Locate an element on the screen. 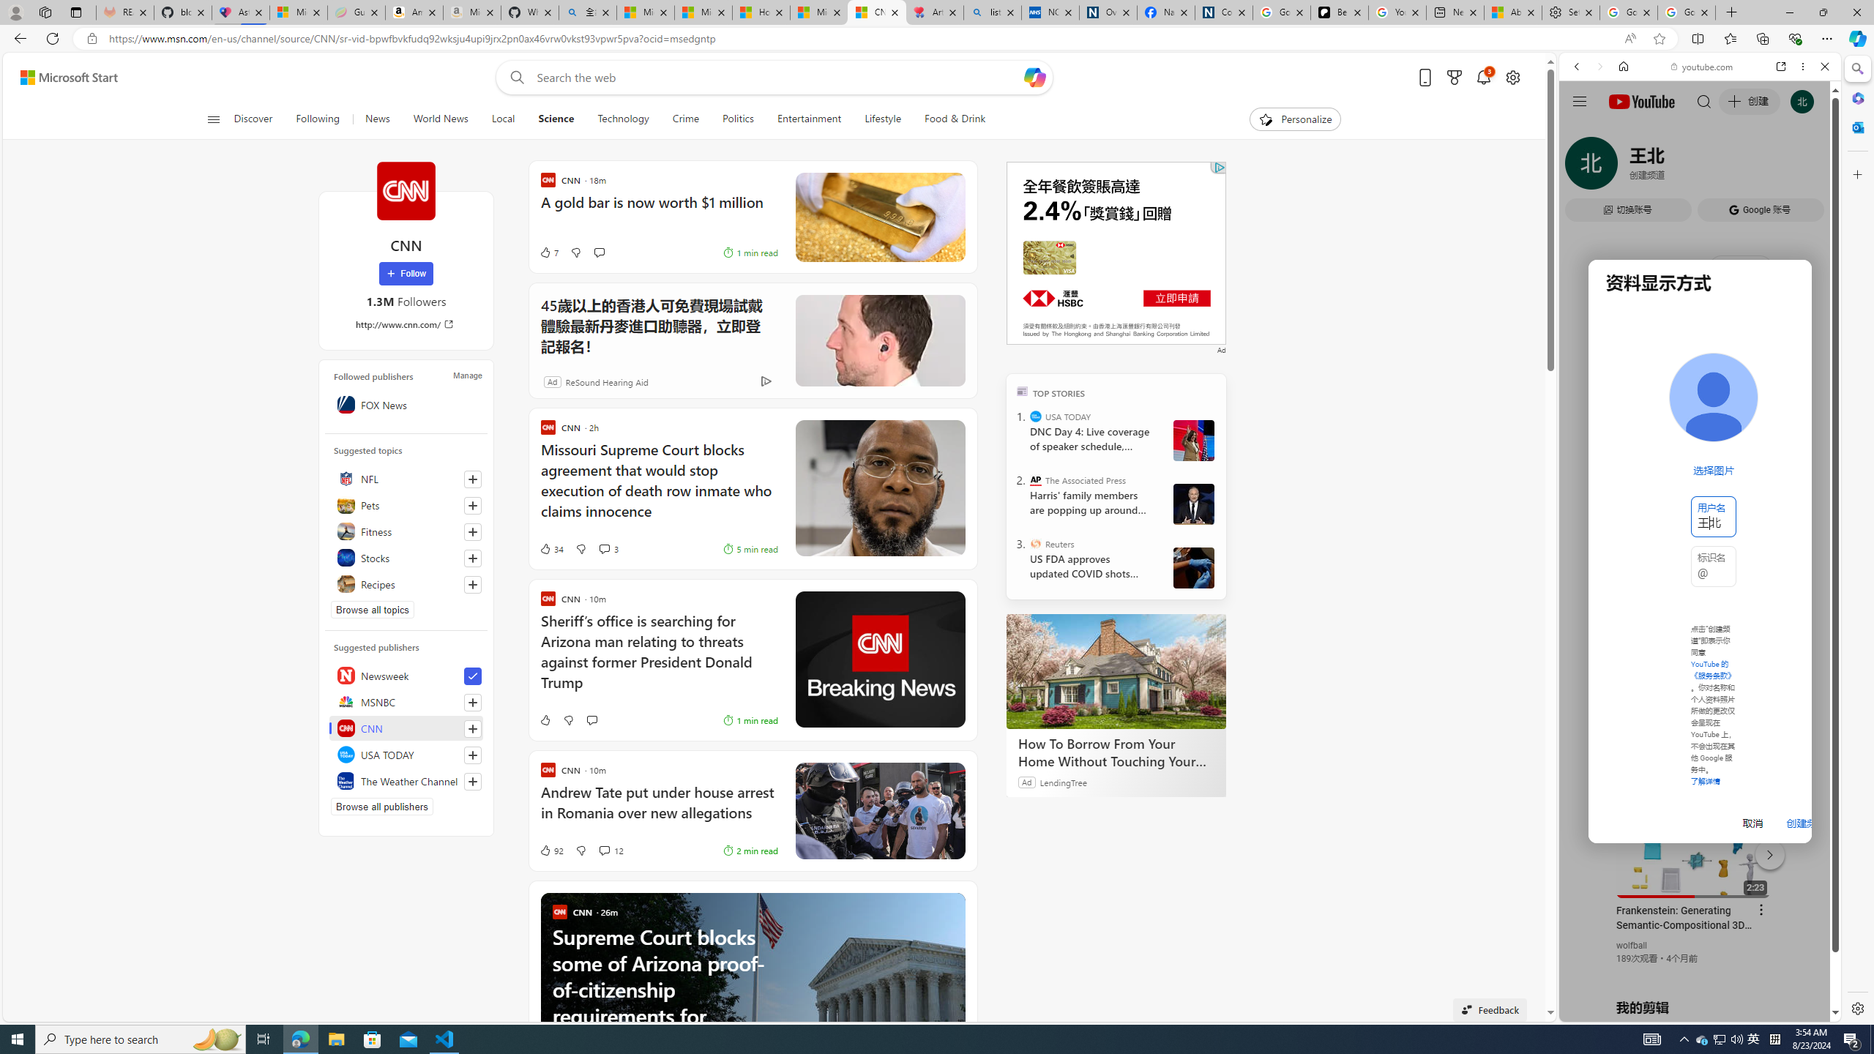 This screenshot has height=1054, width=1874. 'Trailer #2 [HD]' is located at coordinates (1698, 433).